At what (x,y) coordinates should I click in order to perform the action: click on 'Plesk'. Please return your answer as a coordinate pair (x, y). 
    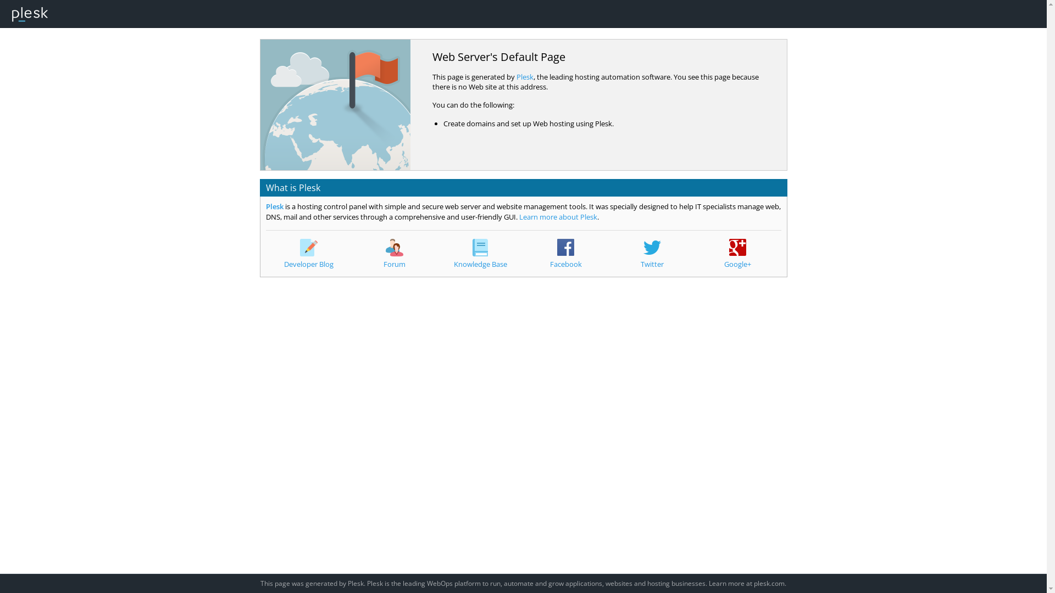
    Looking at the image, I should click on (274, 206).